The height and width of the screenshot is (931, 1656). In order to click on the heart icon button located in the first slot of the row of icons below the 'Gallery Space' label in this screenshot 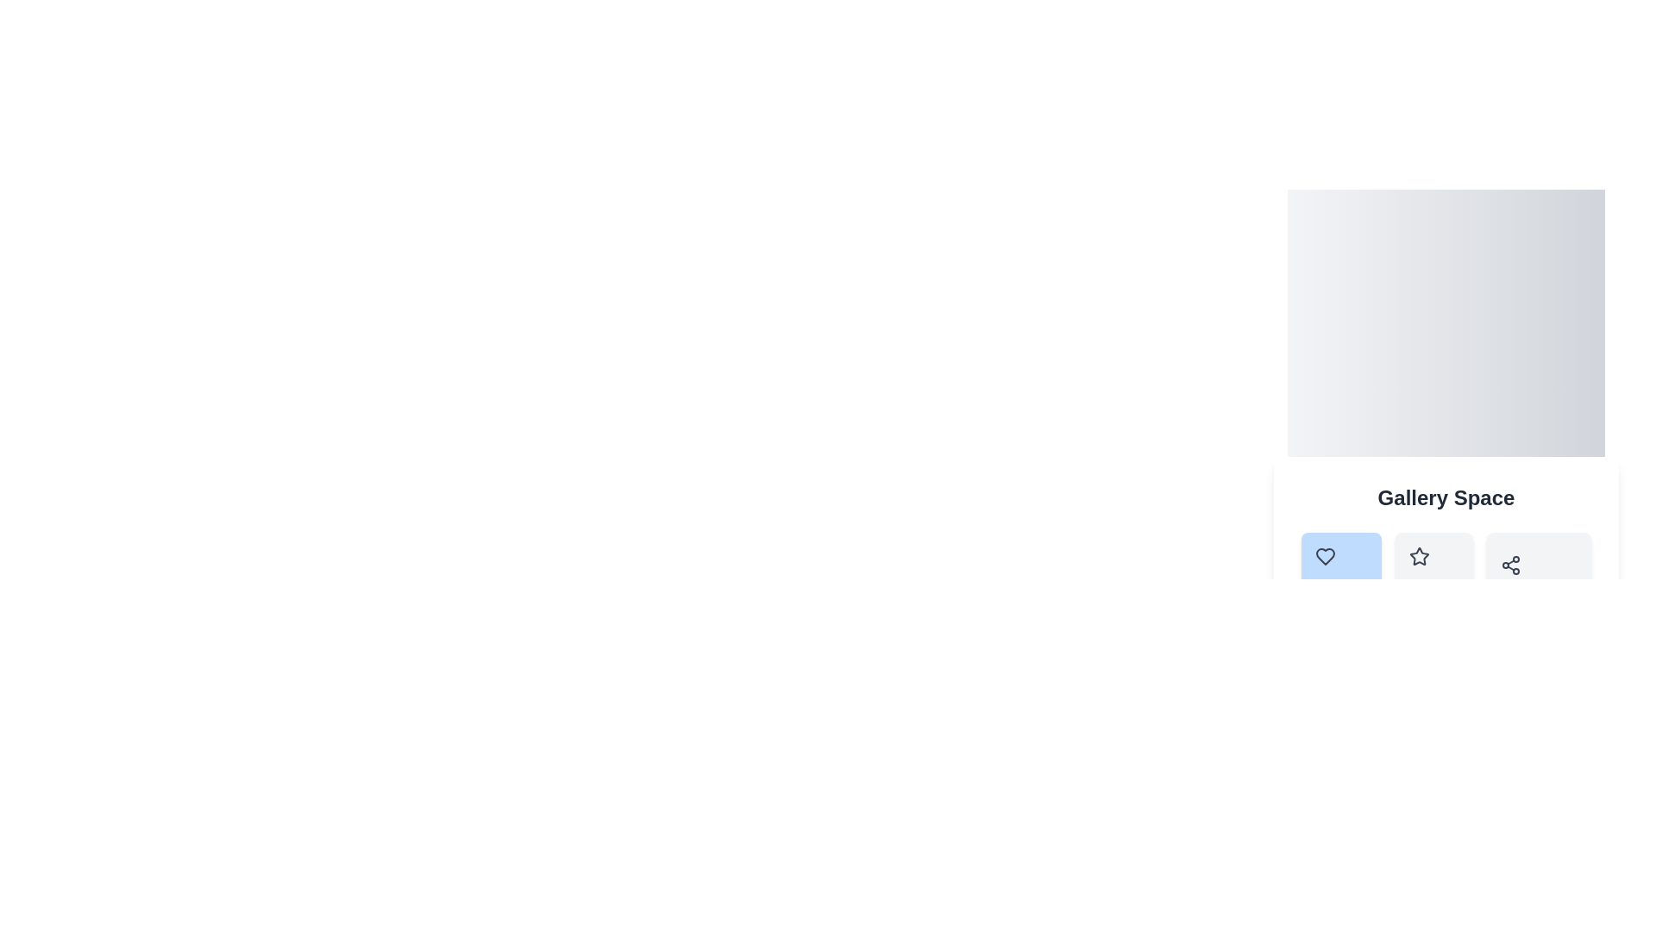, I will do `click(1325, 556)`.